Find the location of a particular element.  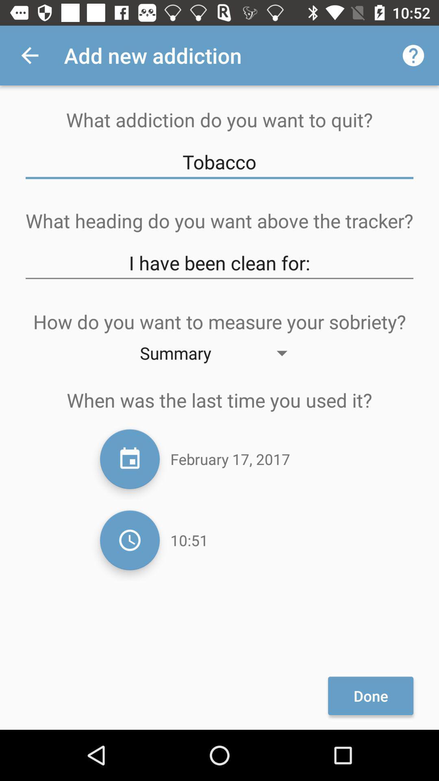

the date_range icon is located at coordinates (129, 459).